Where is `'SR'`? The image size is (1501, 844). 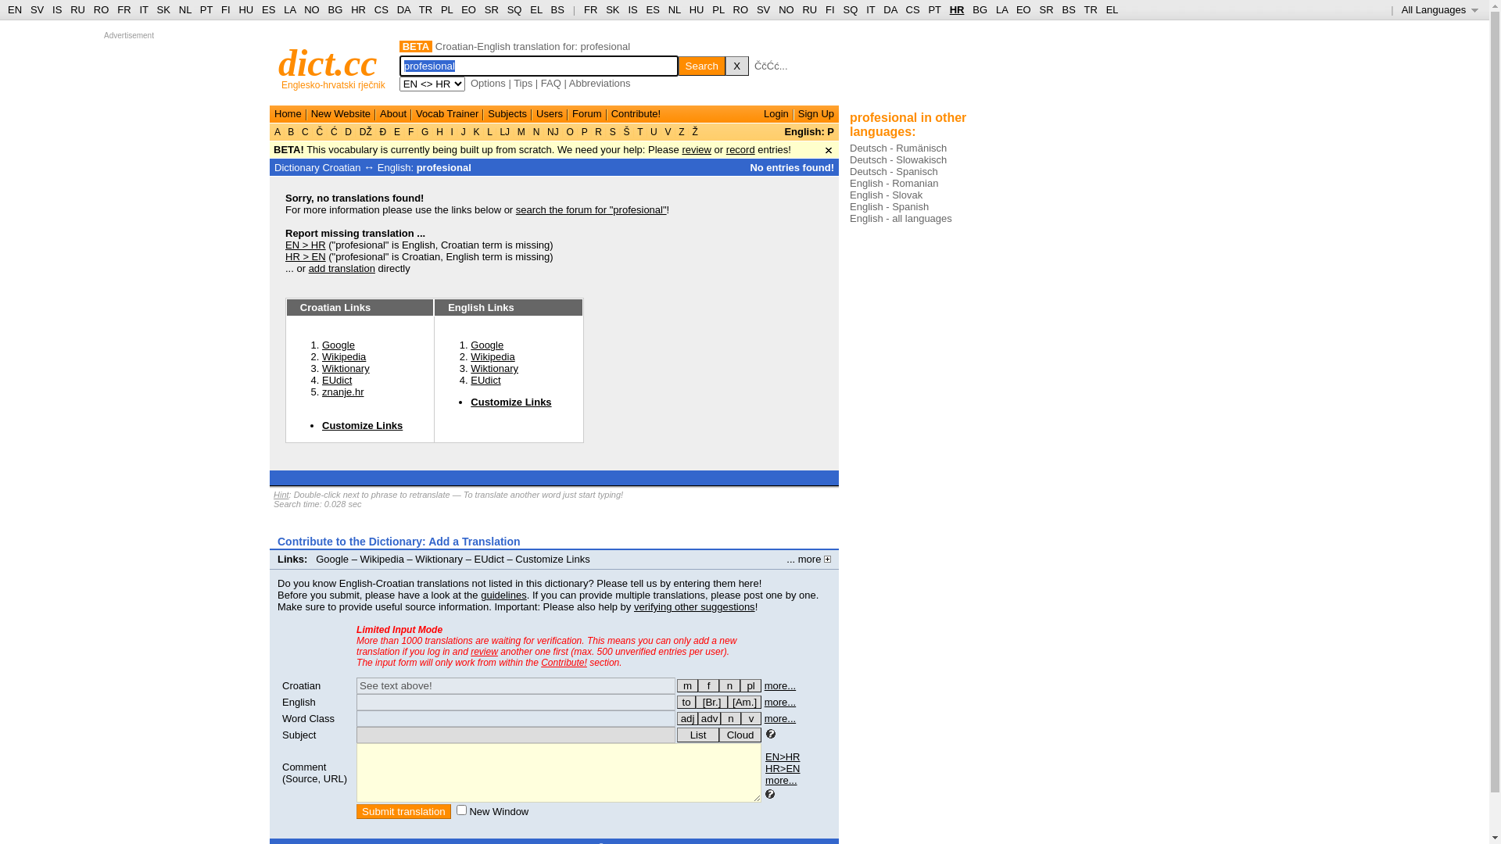 'SR' is located at coordinates (490, 9).